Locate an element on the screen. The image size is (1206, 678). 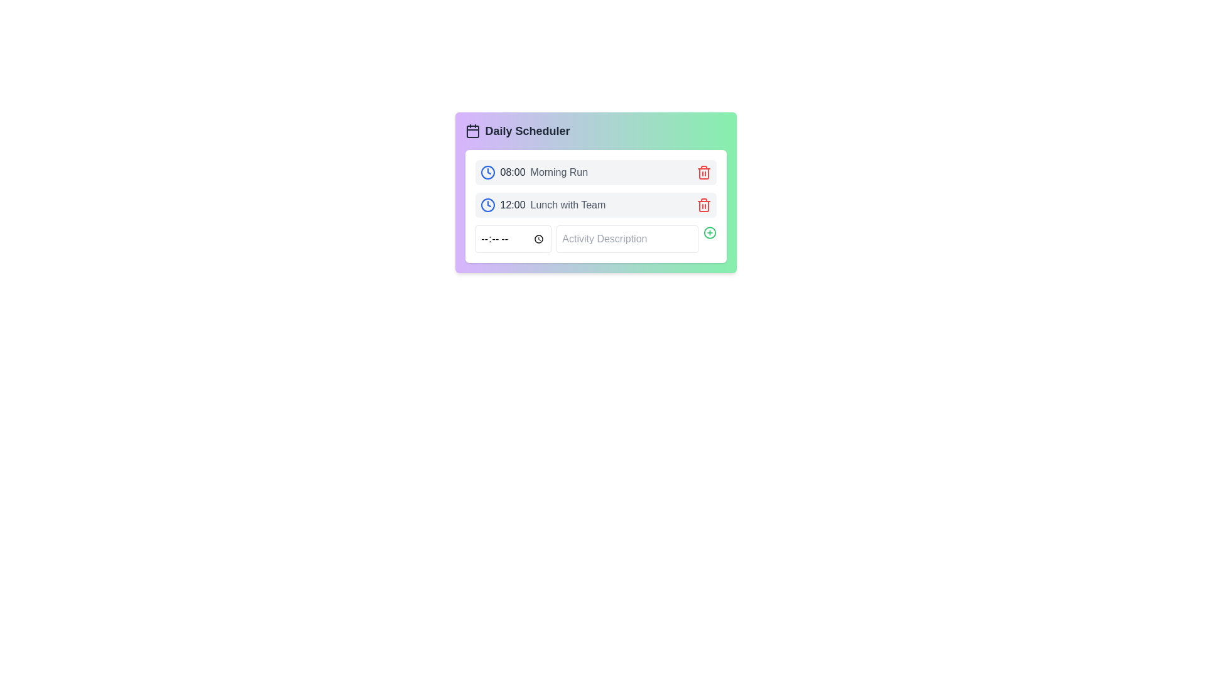
the decorative SVG element representing the outer shape of the clock icon, located to the left of the text '12:00 Lunch with Team' in the 'Daily Scheduler' card interface is located at coordinates (487, 172).